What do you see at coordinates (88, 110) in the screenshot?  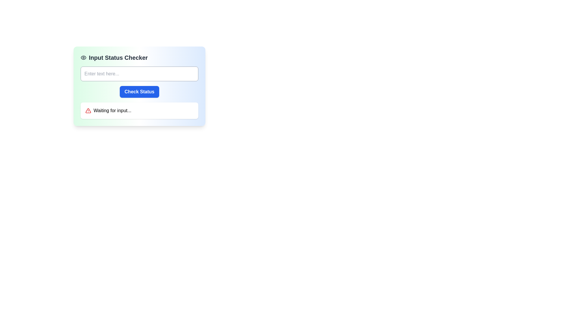 I see `the warning icon located to the far left of the message 'Waiting for input...' in the lower white section of the card` at bounding box center [88, 110].